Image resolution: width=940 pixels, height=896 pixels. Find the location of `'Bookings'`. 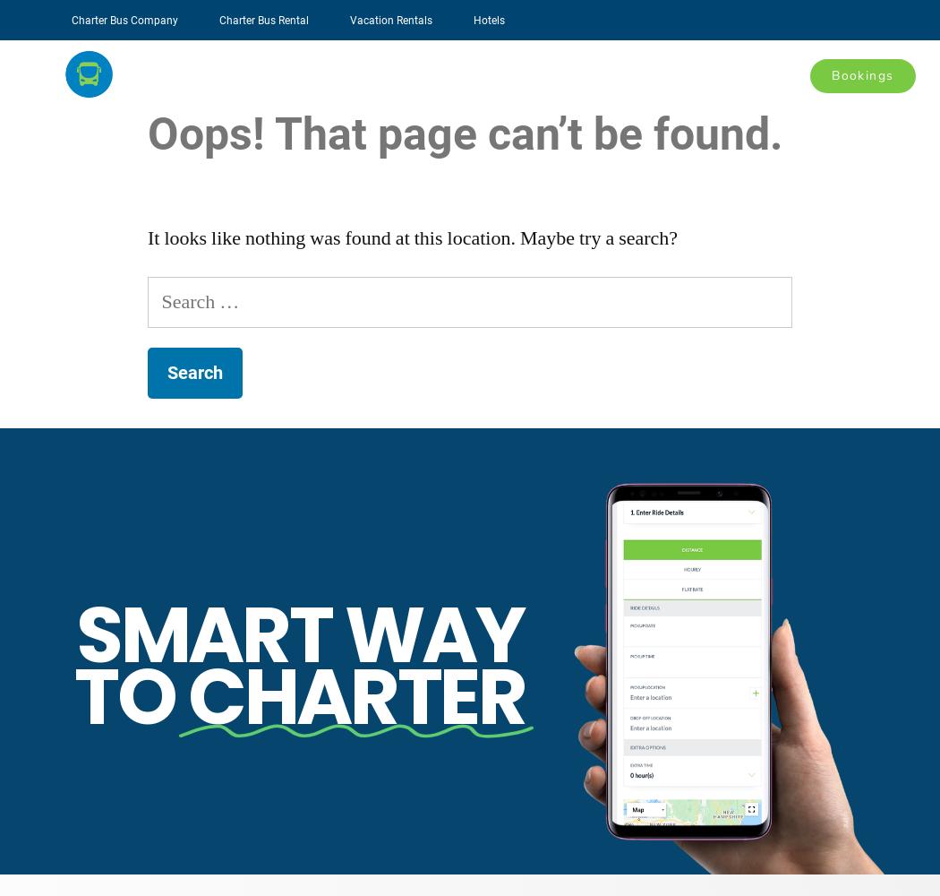

'Bookings' is located at coordinates (861, 73).